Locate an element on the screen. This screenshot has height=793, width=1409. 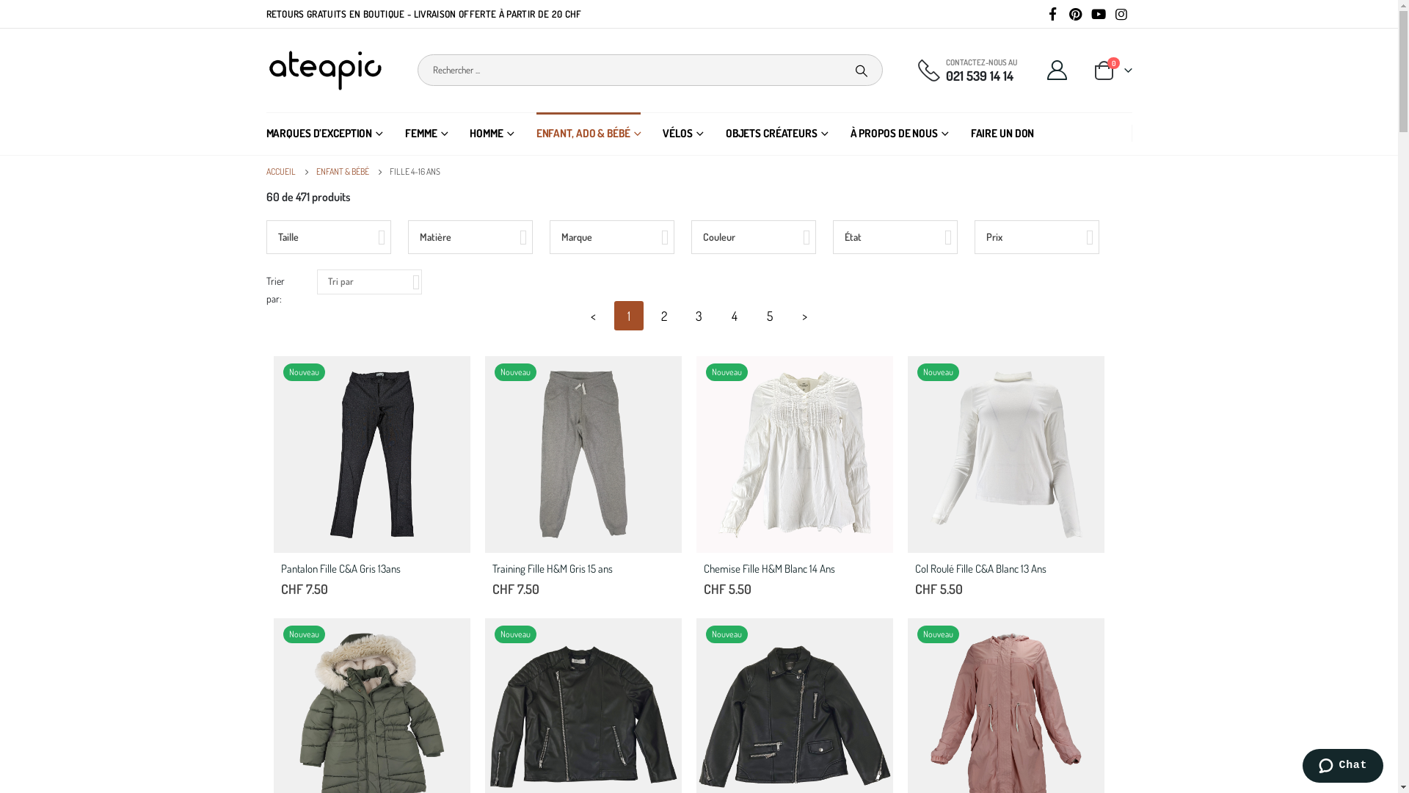
'3' is located at coordinates (697, 314).